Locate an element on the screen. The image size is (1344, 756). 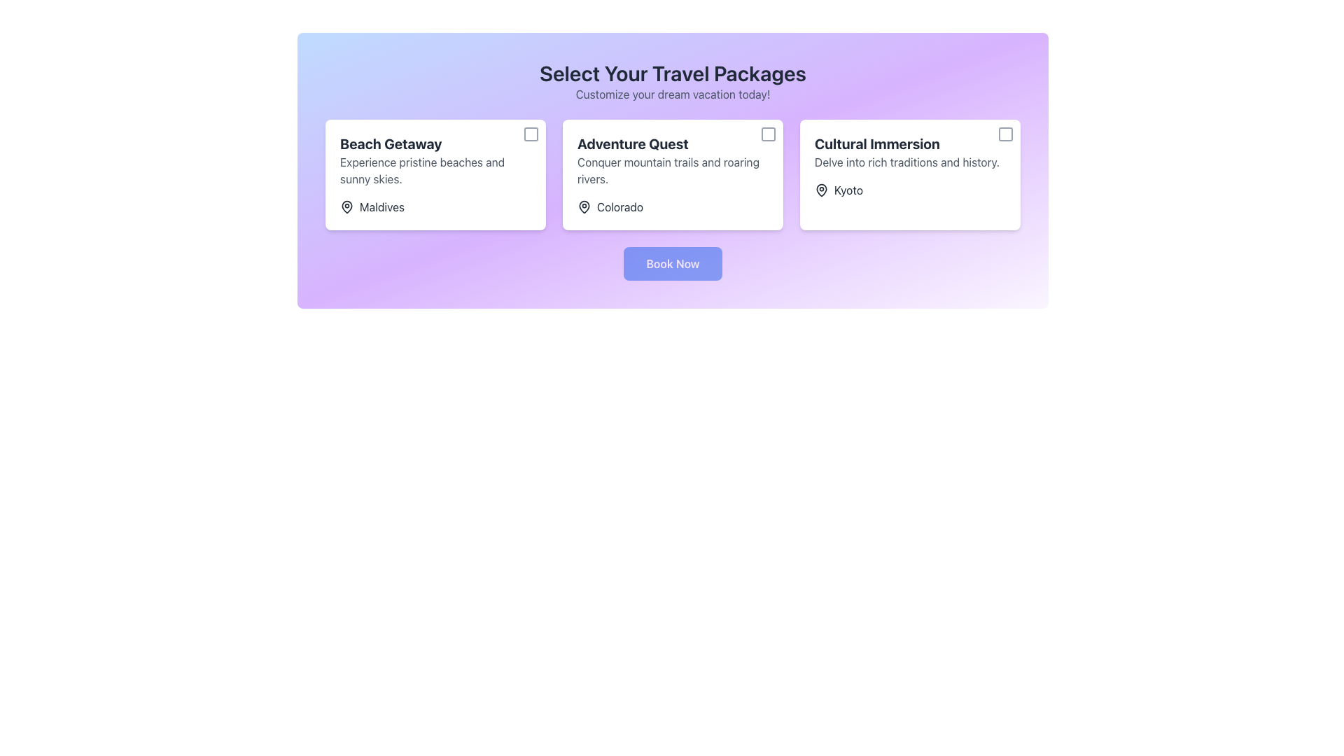
the bold, large-sized text label 'Cultural Immersion' styled in dark gray, located at the top of the rightmost card in a row of three is located at coordinates (910, 143).